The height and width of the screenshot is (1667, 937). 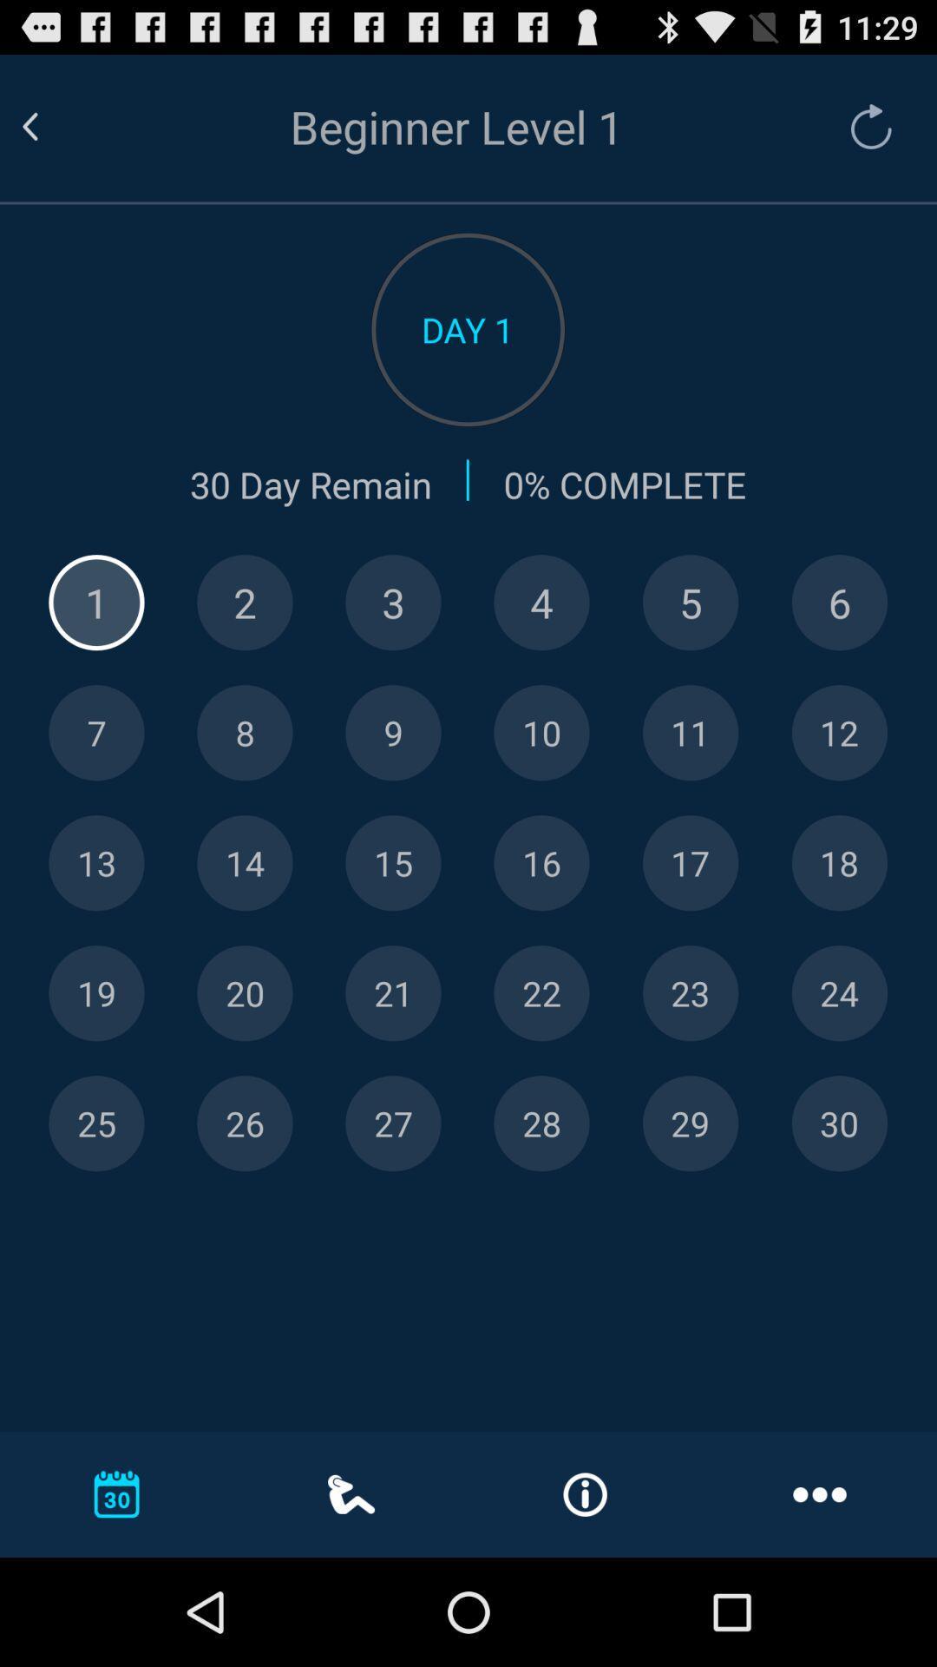 I want to click on let you look at that specific day, so click(x=541, y=1123).